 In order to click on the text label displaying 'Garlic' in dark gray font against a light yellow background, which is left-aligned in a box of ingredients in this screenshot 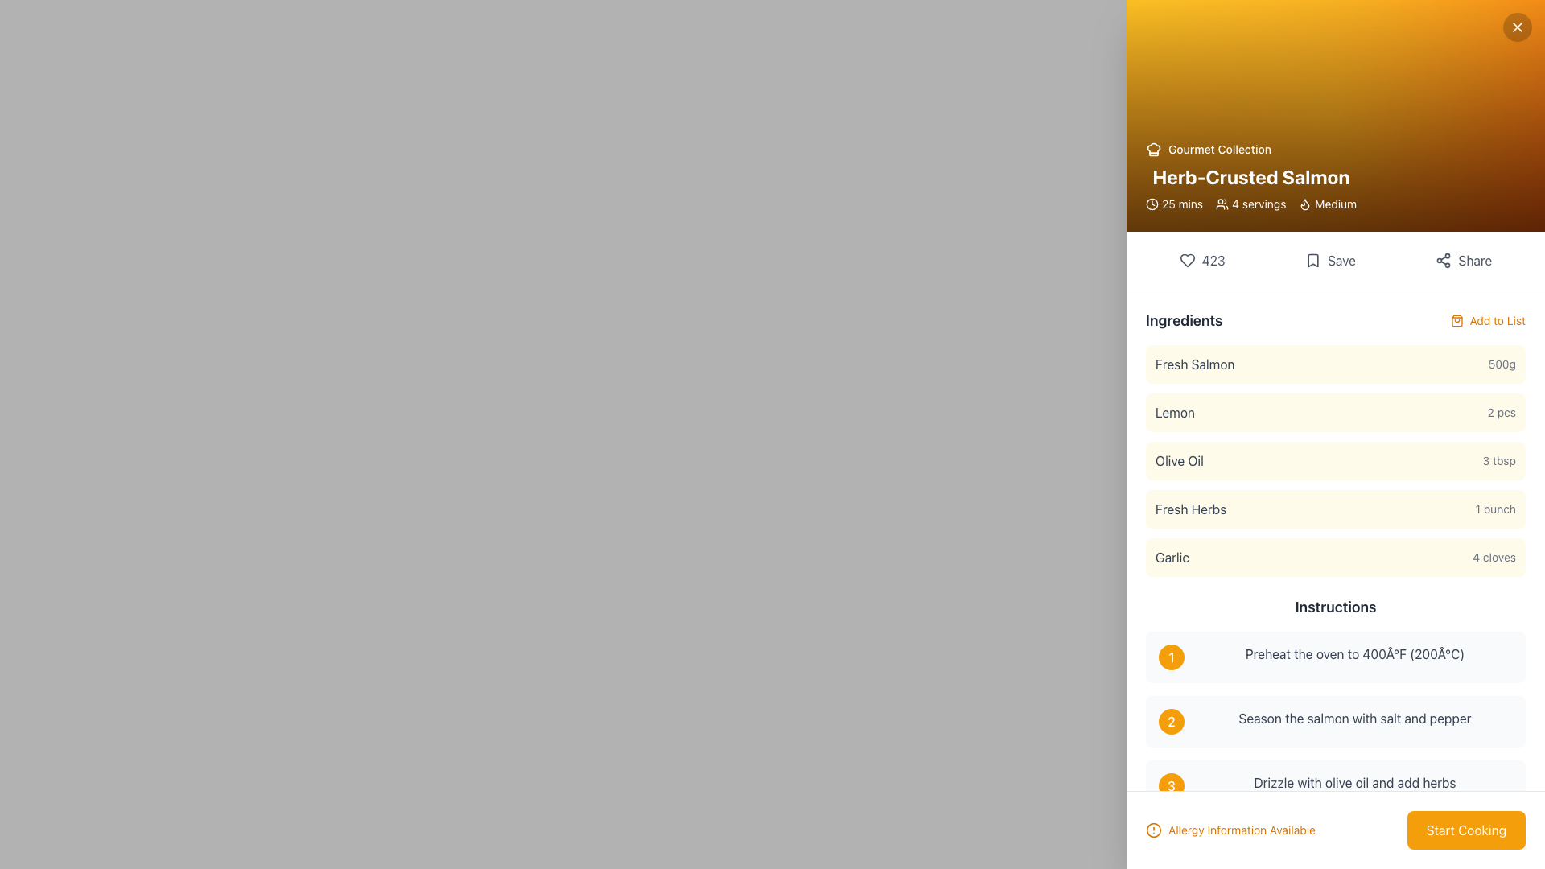, I will do `click(1172, 557)`.